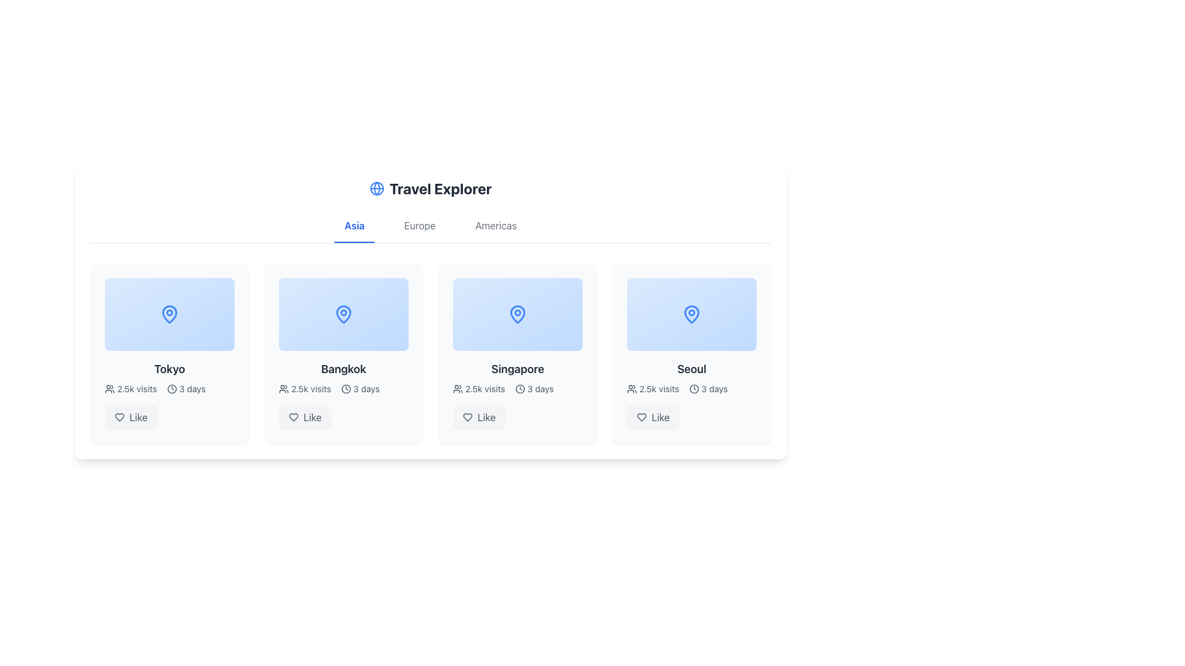 The image size is (1185, 666). What do you see at coordinates (540, 389) in the screenshot?
I see `text from the label that indicates the duration related to the location in the third card from the left under the 'Singapore' heading, positioned to the right of a clock icon` at bounding box center [540, 389].